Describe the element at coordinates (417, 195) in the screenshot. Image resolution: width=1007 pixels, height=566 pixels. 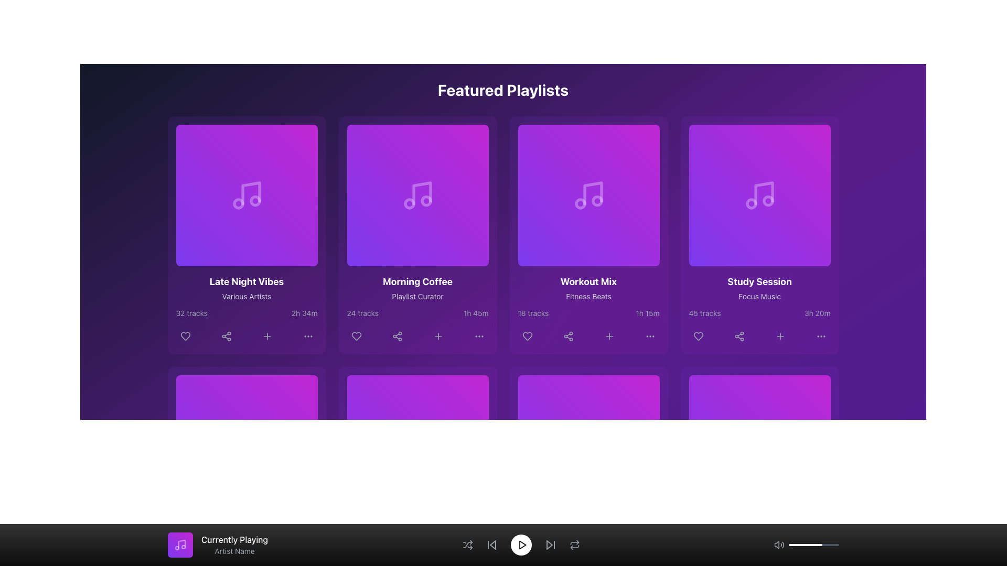
I see `the play button in the 'Morning Coffee' playlist section` at that location.